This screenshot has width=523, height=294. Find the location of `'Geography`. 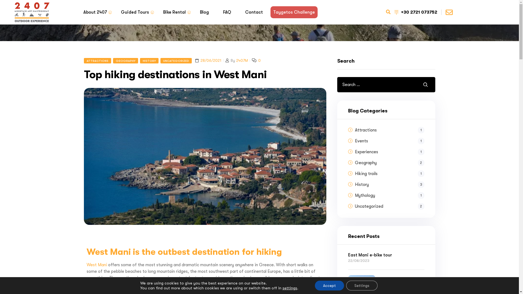

'Geography is located at coordinates (355, 162).